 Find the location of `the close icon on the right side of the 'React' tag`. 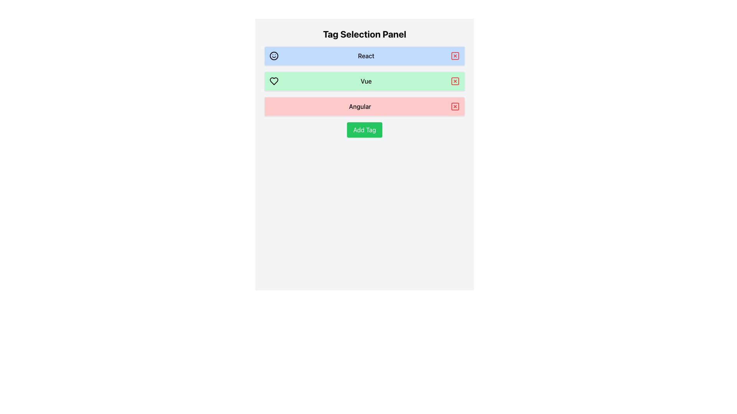

the close icon on the right side of the 'React' tag is located at coordinates (455, 56).